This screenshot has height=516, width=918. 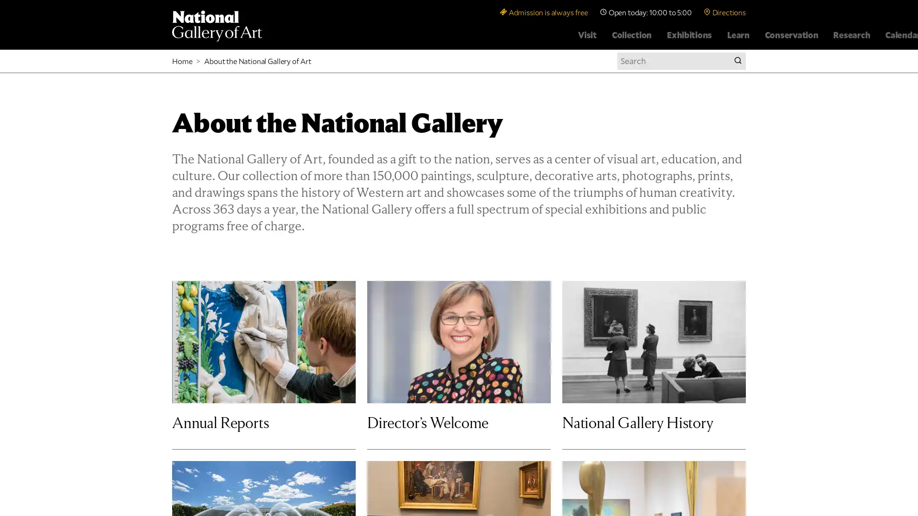 What do you see at coordinates (737, 61) in the screenshot?
I see `Search` at bounding box center [737, 61].